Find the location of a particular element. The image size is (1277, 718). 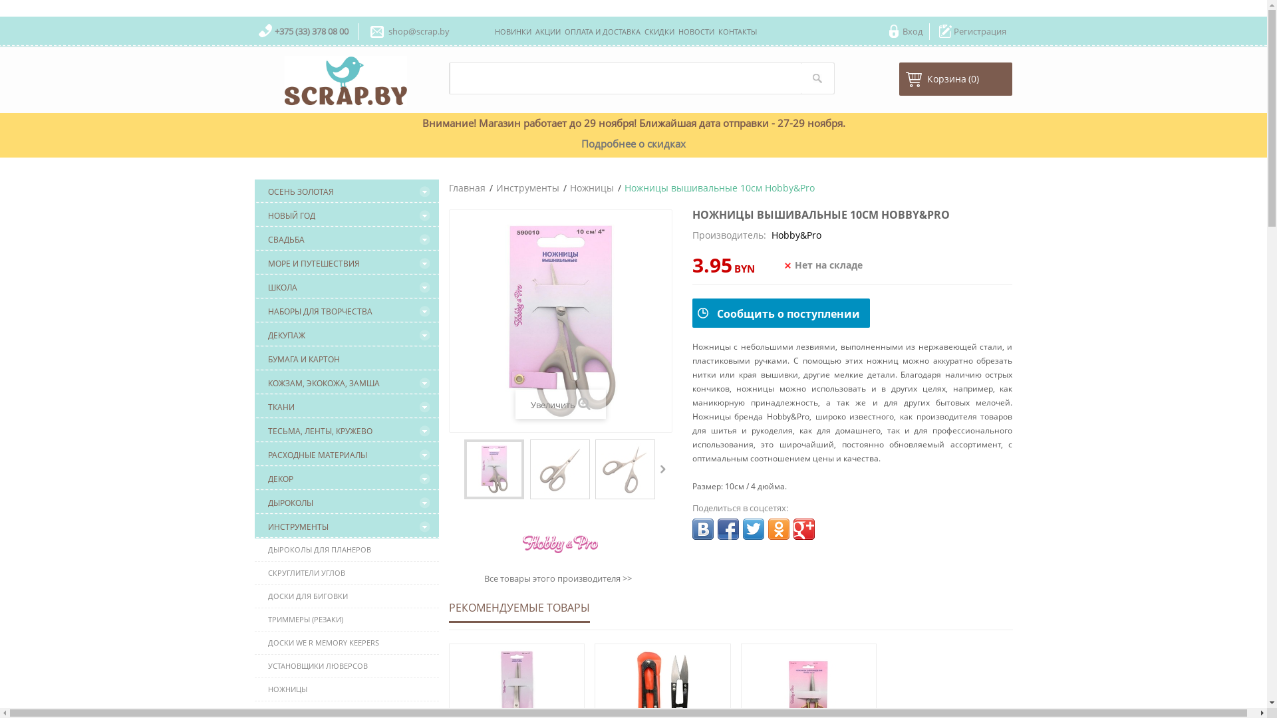

'Search' is located at coordinates (816, 78).